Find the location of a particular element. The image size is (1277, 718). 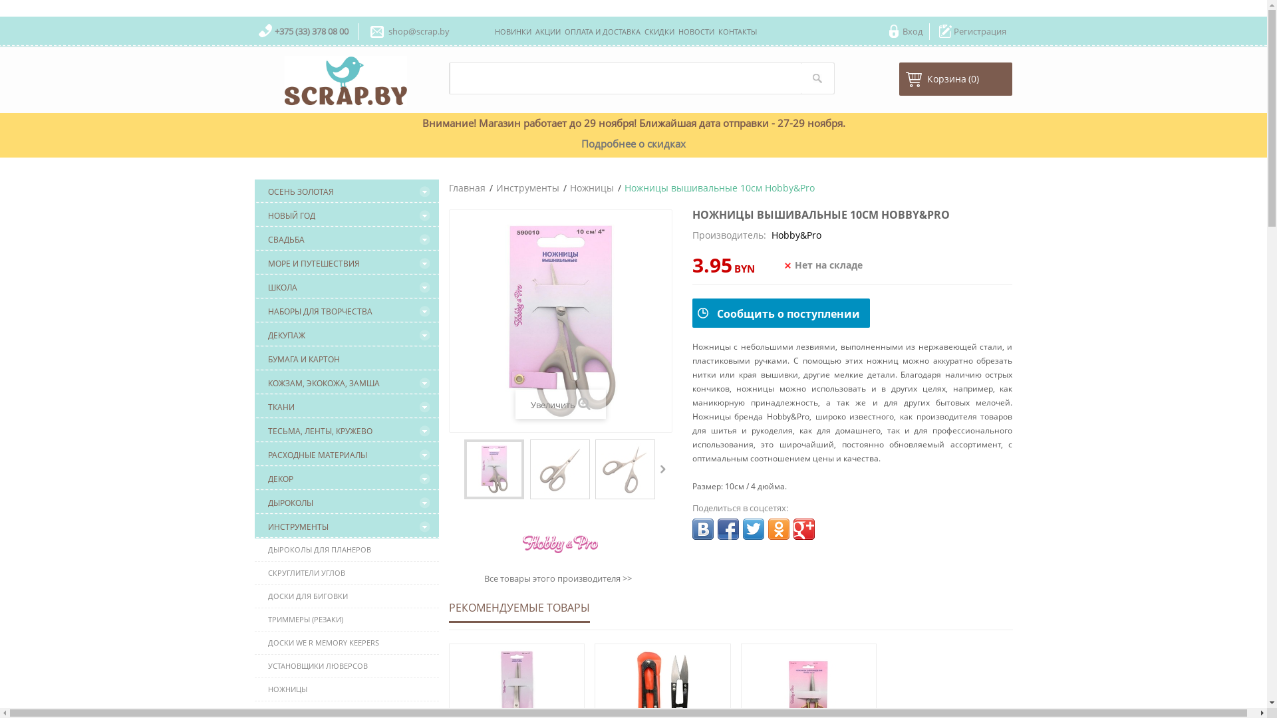

'Search' is located at coordinates (816, 78).